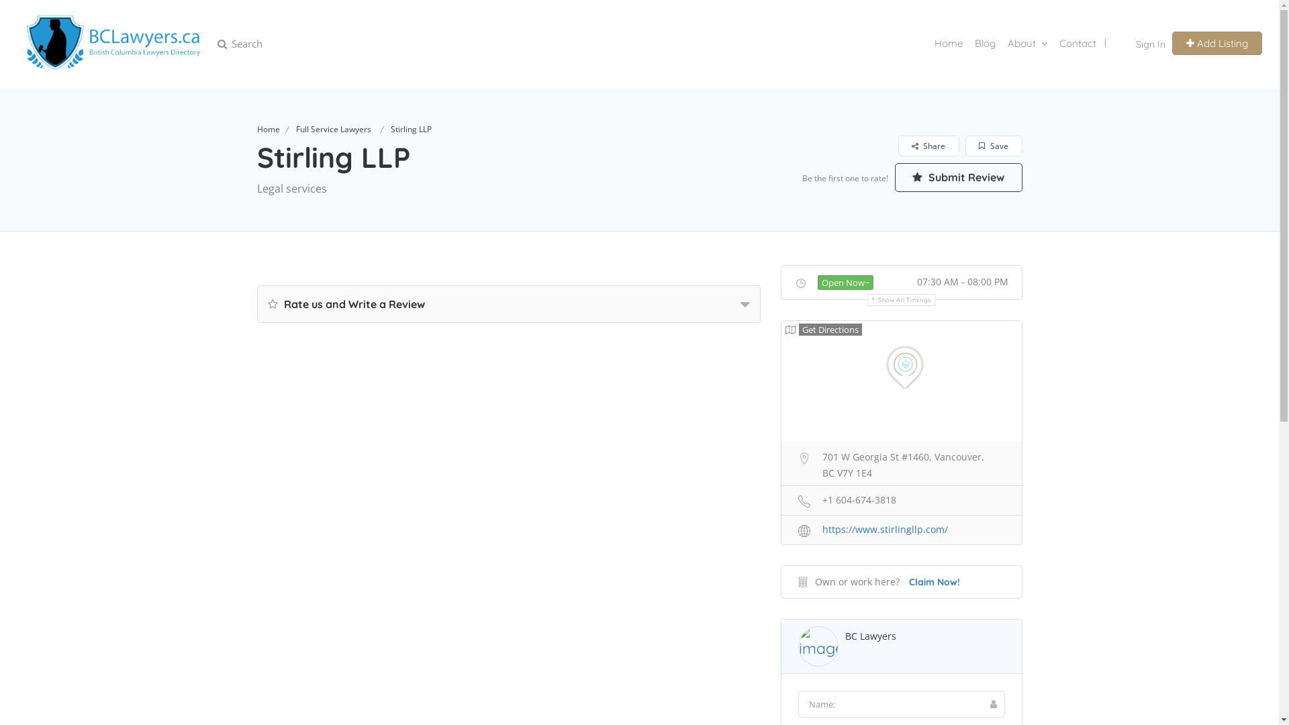 The image size is (1289, 725). What do you see at coordinates (1020, 42) in the screenshot?
I see `'About'` at bounding box center [1020, 42].